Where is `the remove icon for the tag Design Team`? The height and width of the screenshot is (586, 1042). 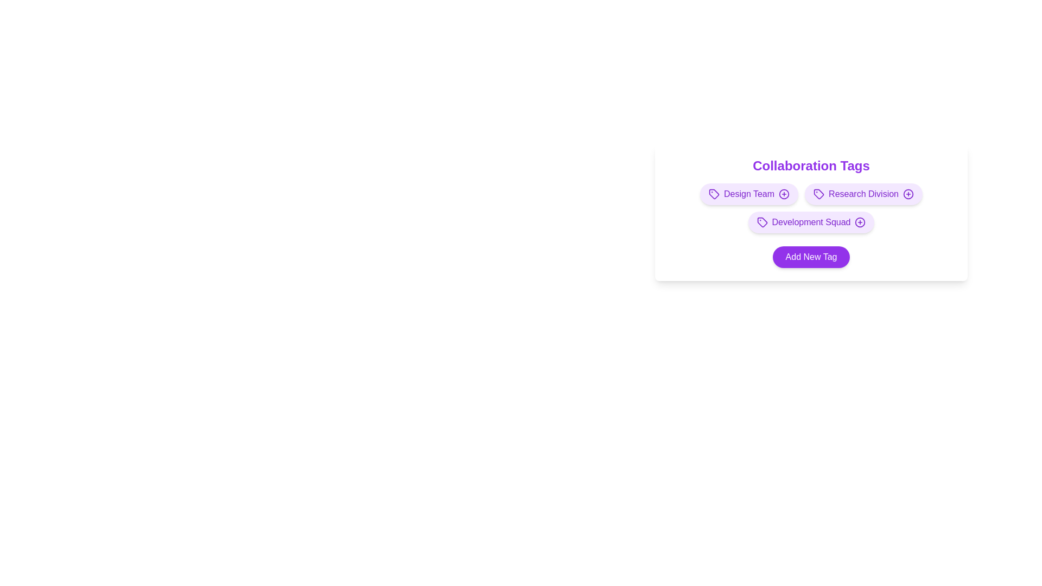
the remove icon for the tag Design Team is located at coordinates (784, 194).